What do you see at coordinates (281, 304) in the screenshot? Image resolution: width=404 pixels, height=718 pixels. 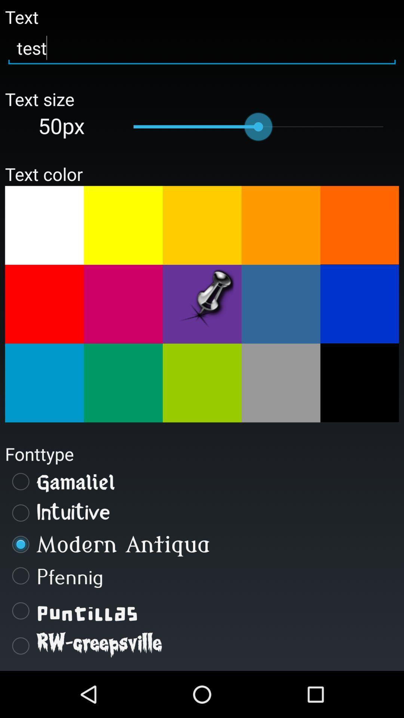 I see `choose color light blue` at bounding box center [281, 304].